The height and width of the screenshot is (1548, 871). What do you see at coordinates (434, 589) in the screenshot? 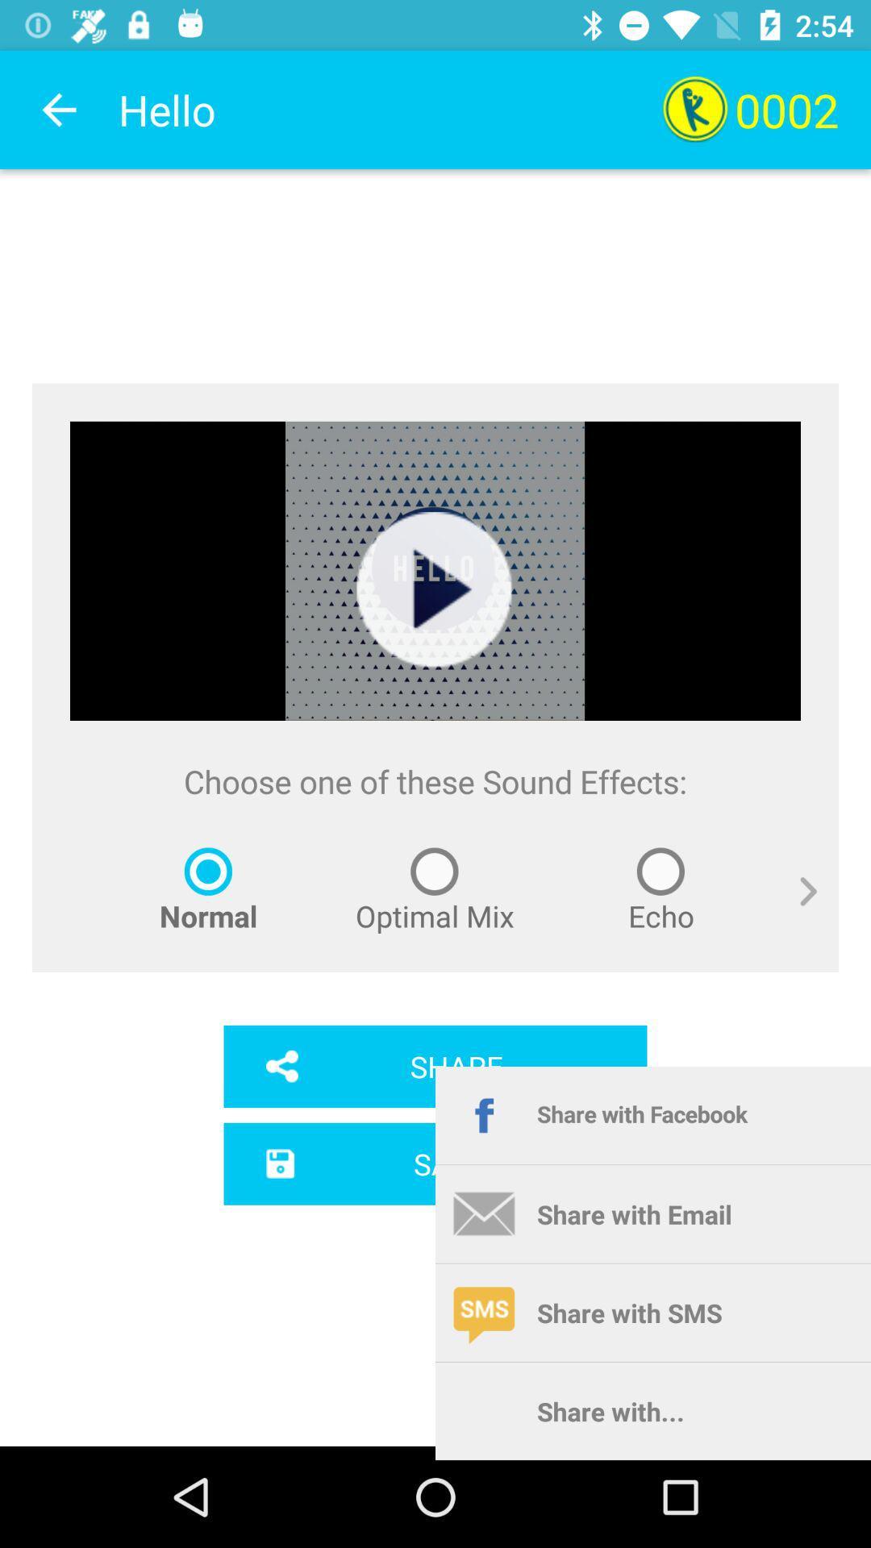
I see `item above the choose one of icon` at bounding box center [434, 589].